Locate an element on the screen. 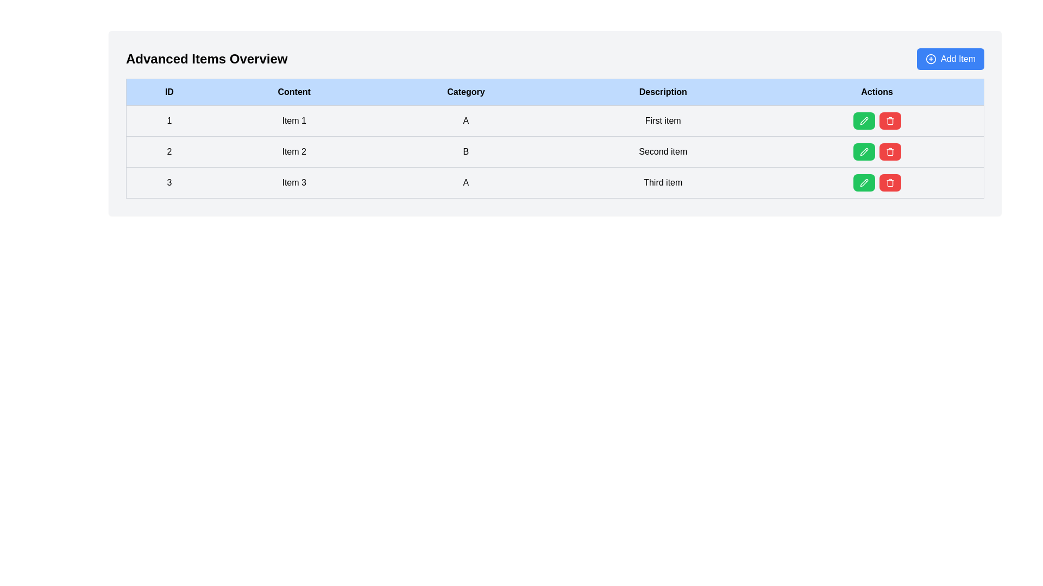 This screenshot has height=586, width=1043. the red rounded button with a trash bin icon located in the 'Actions' column of the second row of the data table is located at coordinates (889, 152).